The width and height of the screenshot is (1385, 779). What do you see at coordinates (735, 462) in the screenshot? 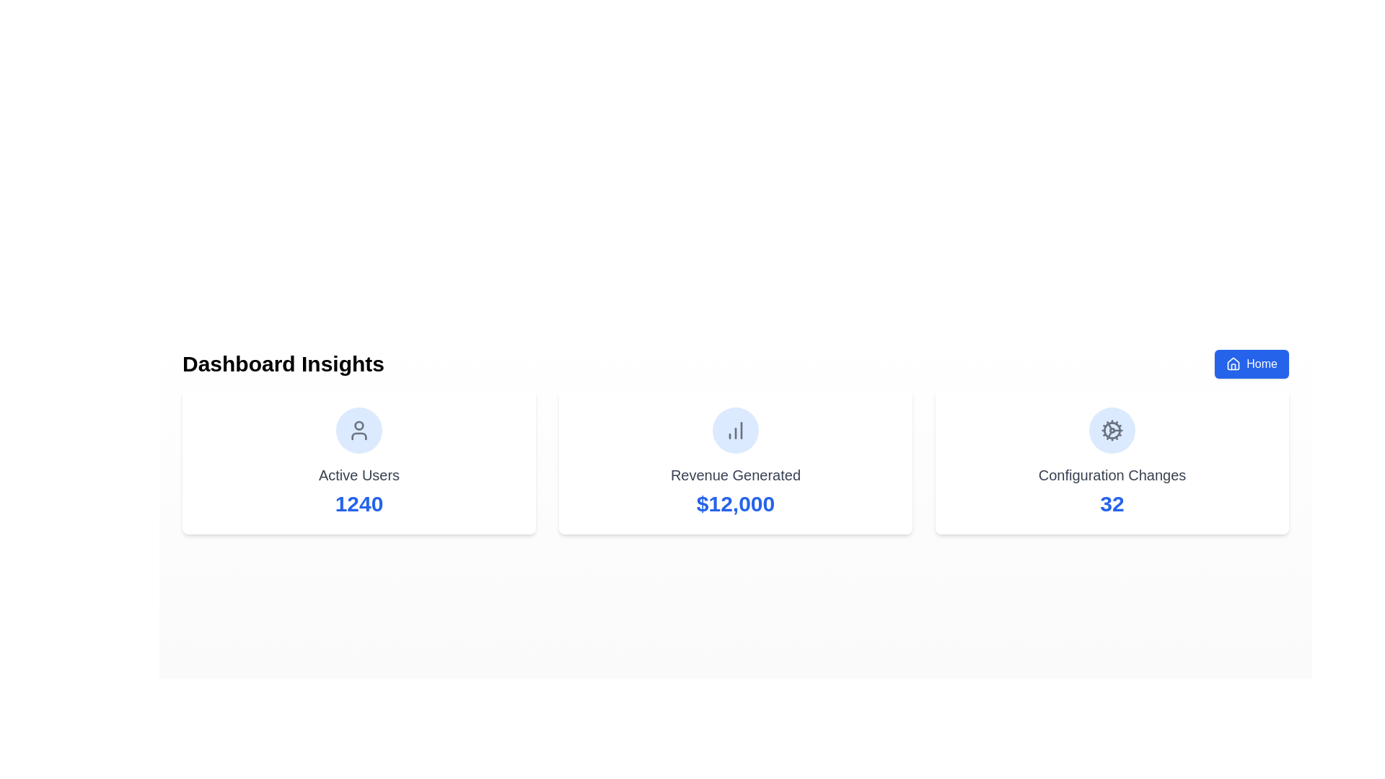
I see `the Informational card displaying total revenue, located centrally between the 'Active Users' and 'Configuration Changes' cards in the dashboard layout` at bounding box center [735, 462].